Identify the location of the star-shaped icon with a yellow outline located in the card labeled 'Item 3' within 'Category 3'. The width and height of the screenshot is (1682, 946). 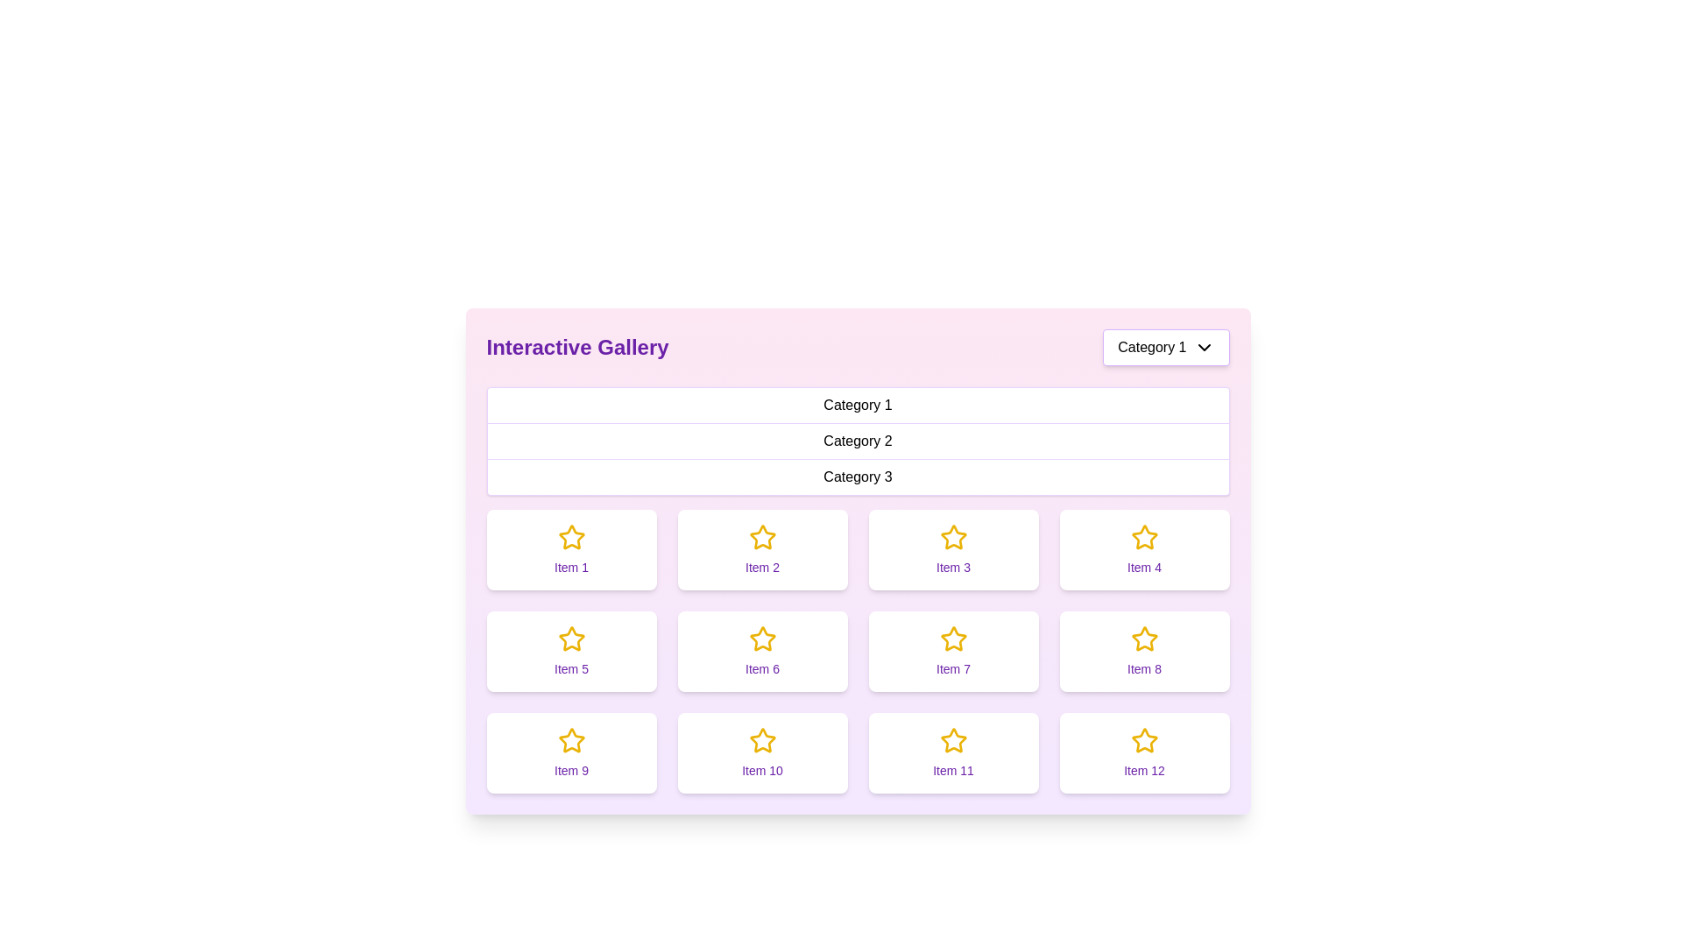
(952, 536).